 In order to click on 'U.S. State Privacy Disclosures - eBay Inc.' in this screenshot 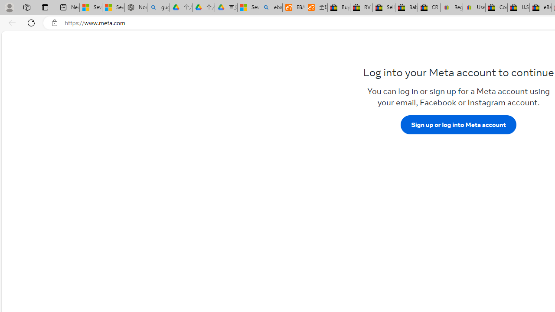, I will do `click(519, 7)`.